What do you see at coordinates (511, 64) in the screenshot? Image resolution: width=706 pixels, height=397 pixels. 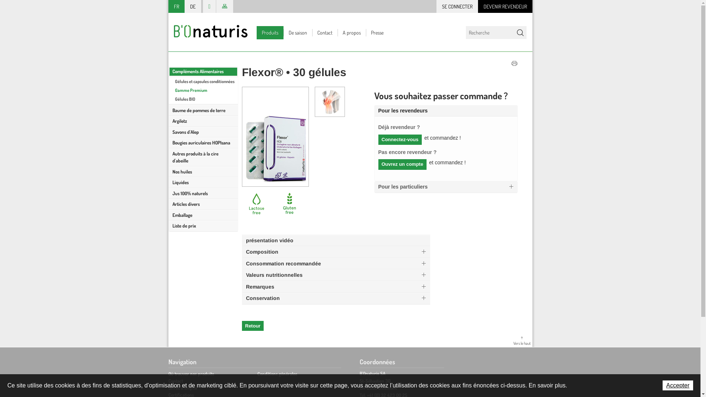 I see `'Print'` at bounding box center [511, 64].